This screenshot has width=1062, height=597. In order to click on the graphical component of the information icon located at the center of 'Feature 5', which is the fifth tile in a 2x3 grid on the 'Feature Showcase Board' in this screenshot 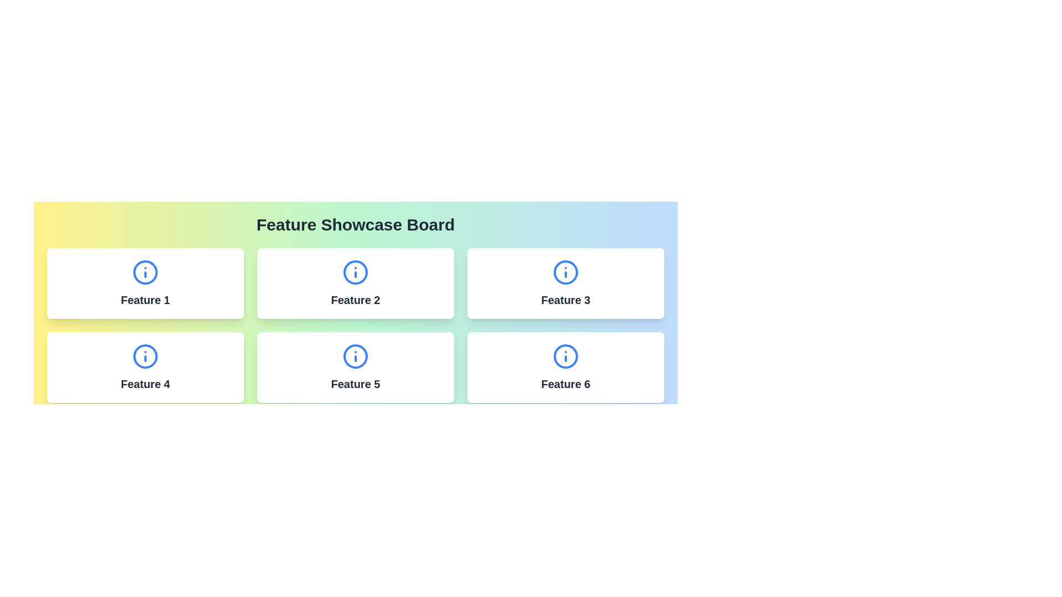, I will do `click(356, 356)`.